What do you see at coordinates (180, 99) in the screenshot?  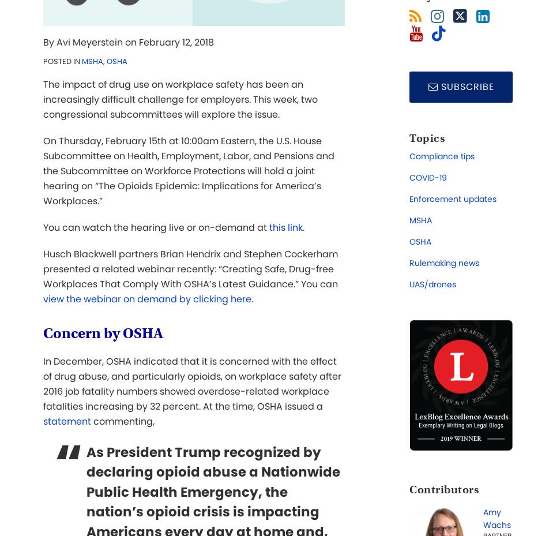 I see `'The impact of drug use on workplace safety has been an increasingly difficult challenge for employers. This week, two congressional subcommittees will explore the issue.'` at bounding box center [180, 99].